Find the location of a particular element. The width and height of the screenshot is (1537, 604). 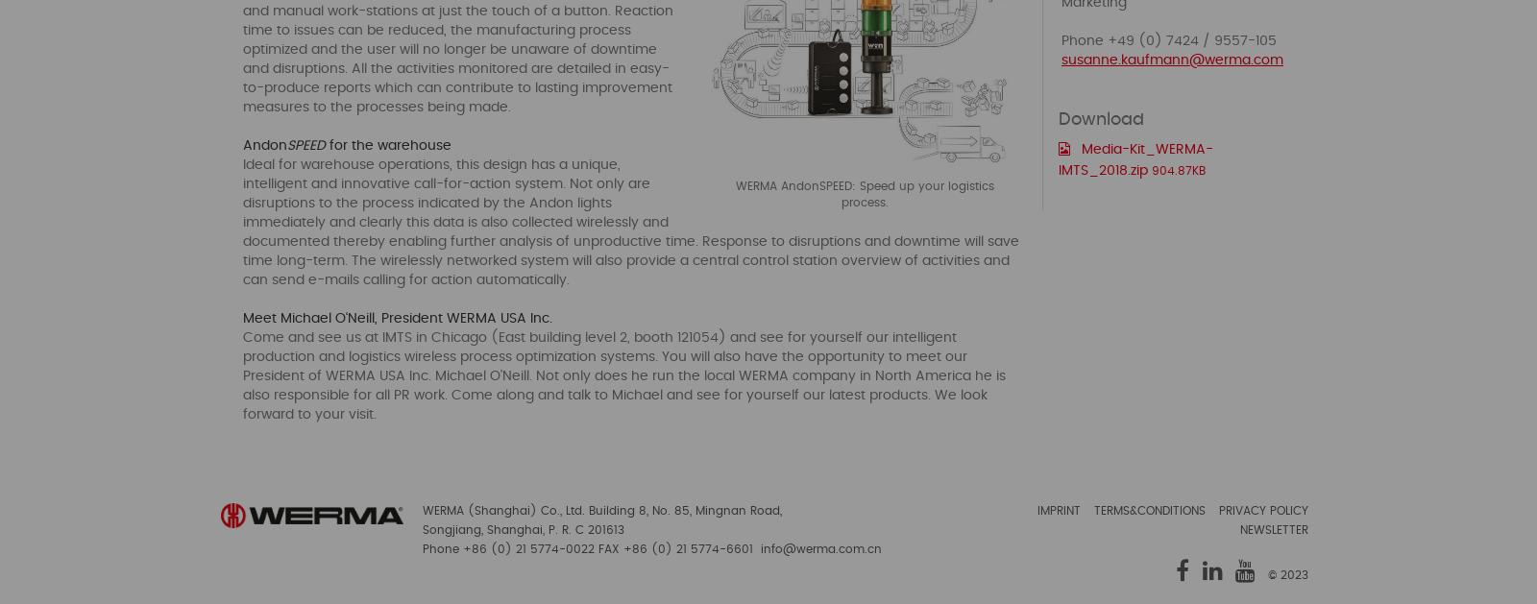

'Imprint' is located at coordinates (1059, 511).